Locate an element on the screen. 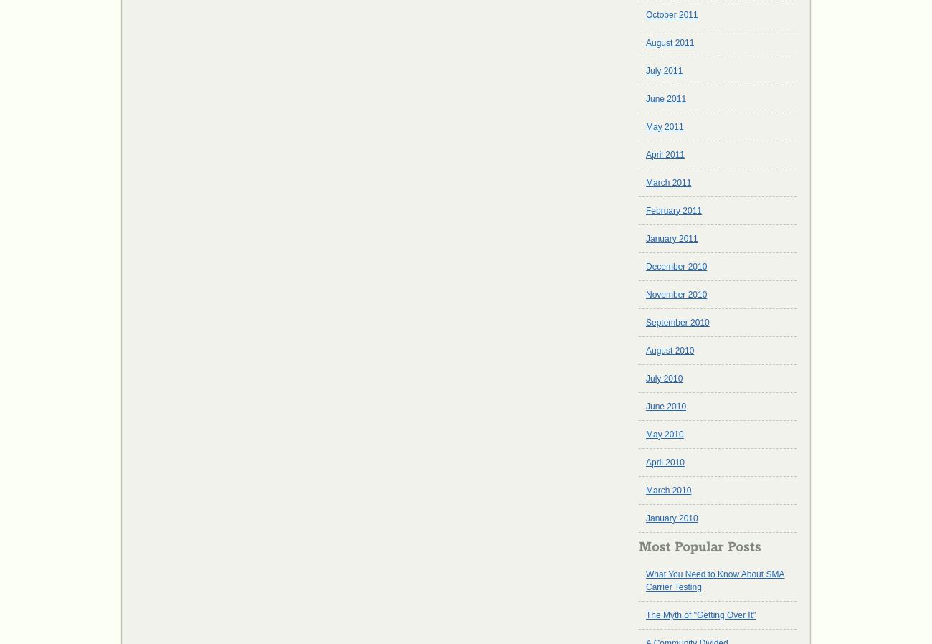 Image resolution: width=932 pixels, height=644 pixels. 'May 2010' is located at coordinates (665, 432).